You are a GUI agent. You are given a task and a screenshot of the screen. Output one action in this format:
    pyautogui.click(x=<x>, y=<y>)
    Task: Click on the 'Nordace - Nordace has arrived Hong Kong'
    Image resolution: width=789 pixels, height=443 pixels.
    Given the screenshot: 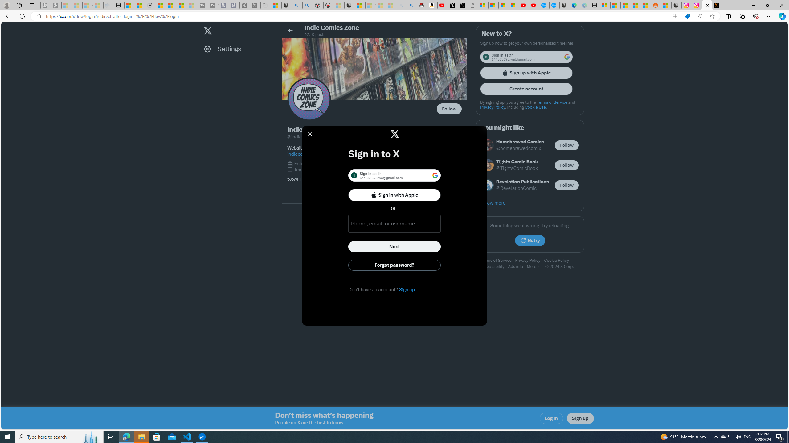 What is the action you would take?
    pyautogui.click(x=564, y=5)
    